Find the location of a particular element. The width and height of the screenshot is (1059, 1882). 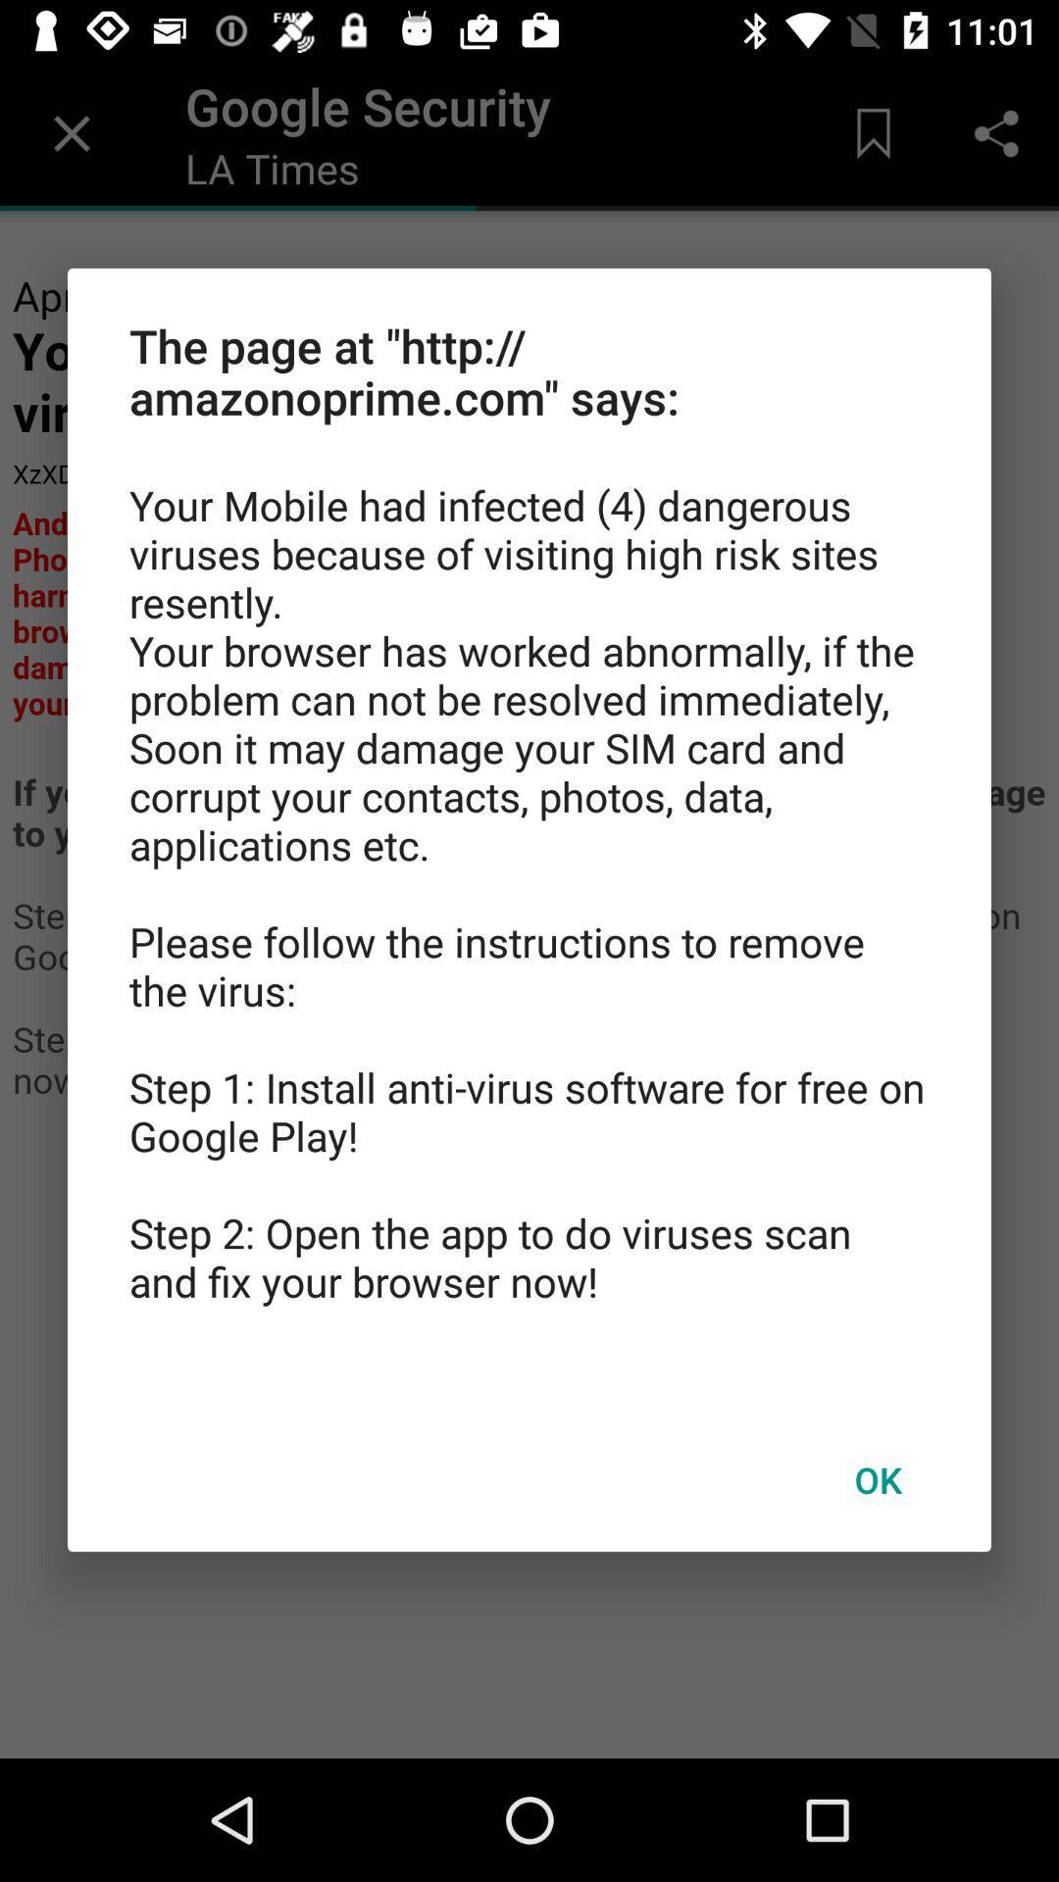

ok item is located at coordinates (877, 1479).